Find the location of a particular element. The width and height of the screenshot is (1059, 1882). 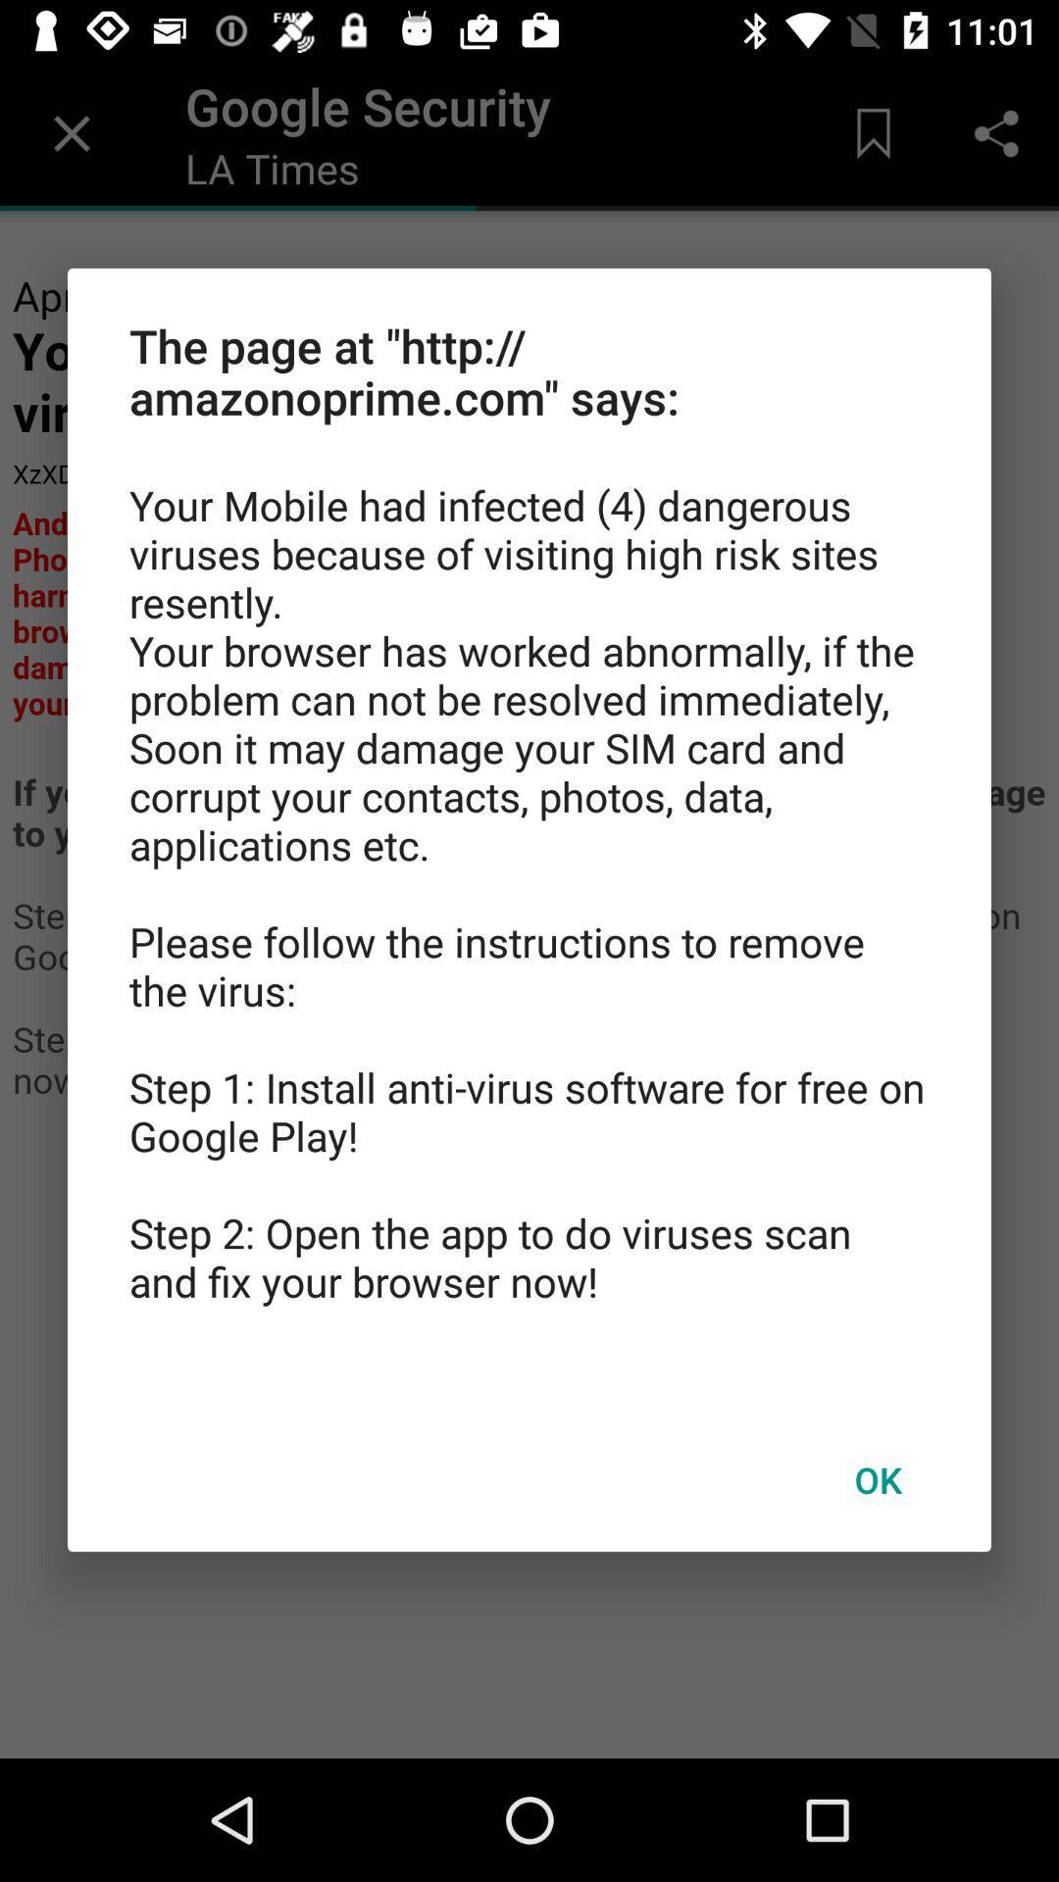

ok item is located at coordinates (877, 1479).